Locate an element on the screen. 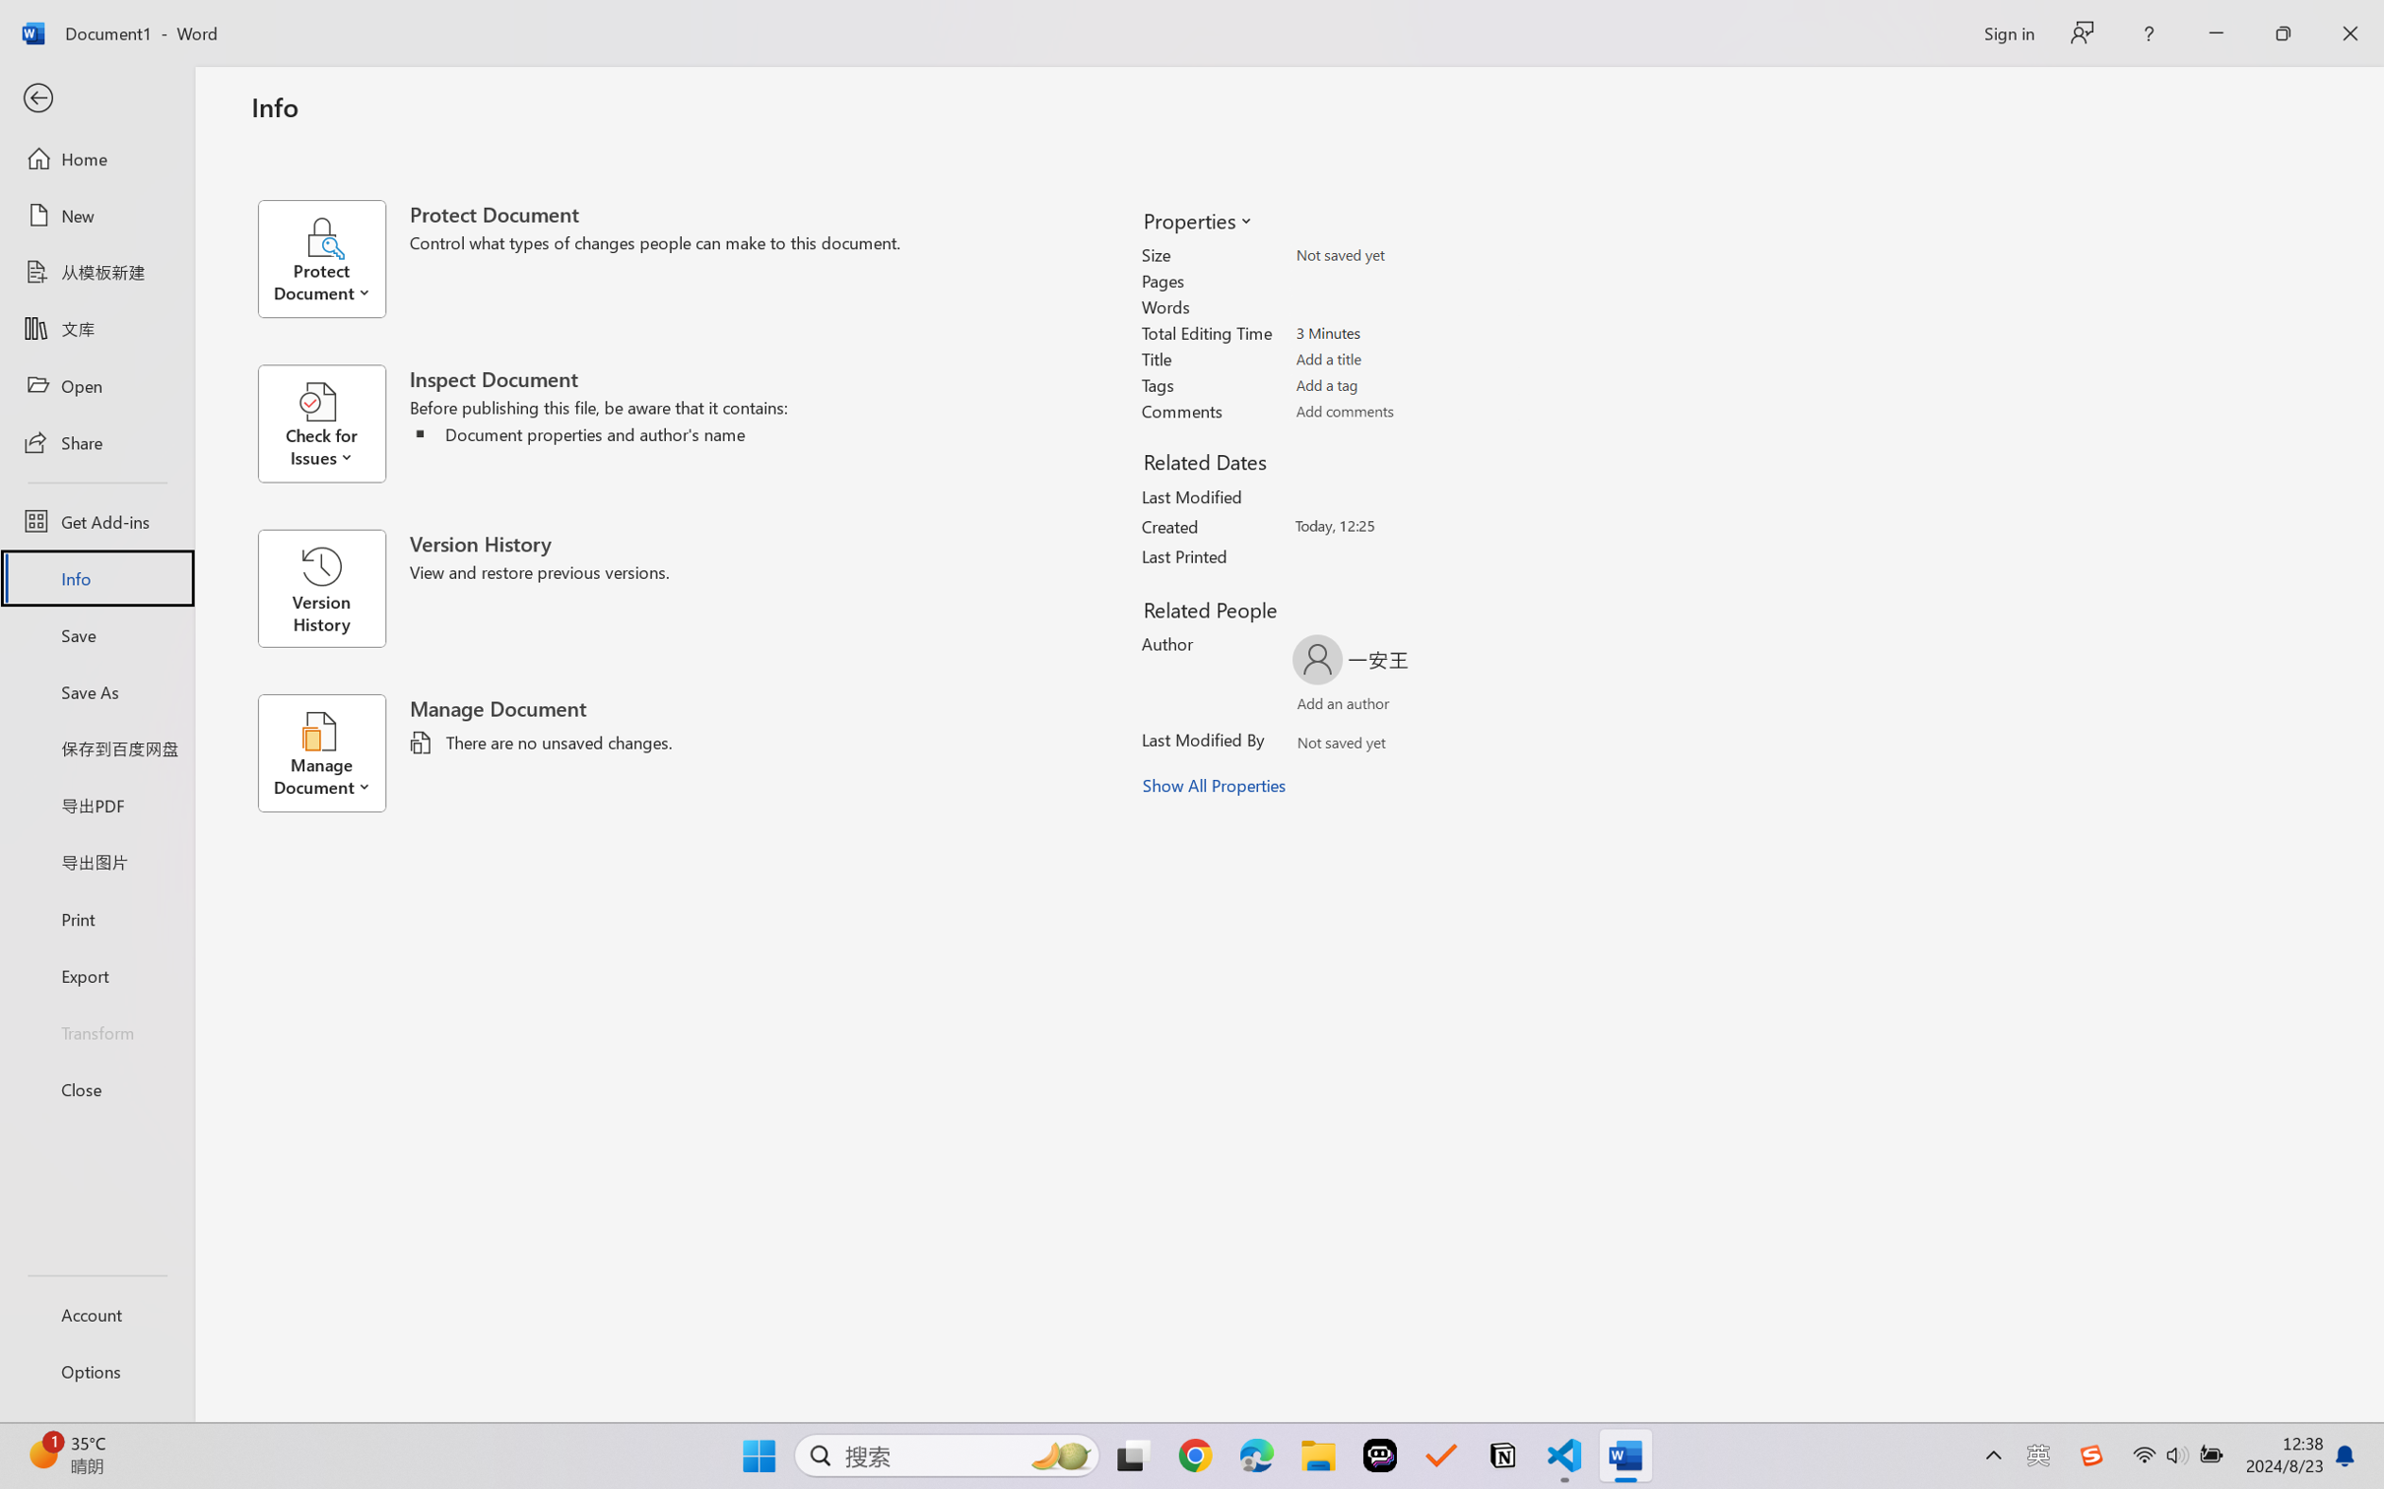 This screenshot has width=2384, height=1489. 'Protect Document' is located at coordinates (332, 258).